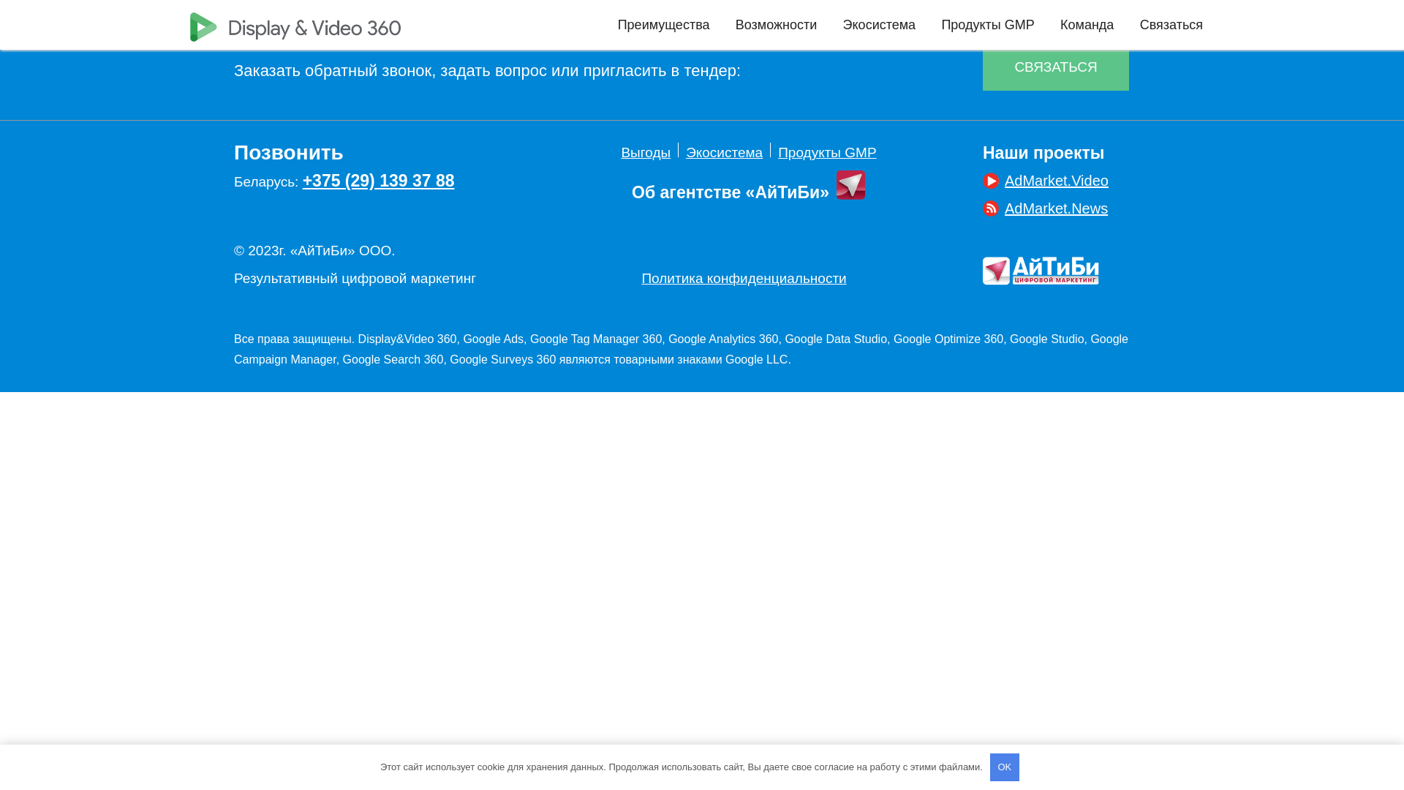  I want to click on 'AdMarket.Video', so click(983, 179).